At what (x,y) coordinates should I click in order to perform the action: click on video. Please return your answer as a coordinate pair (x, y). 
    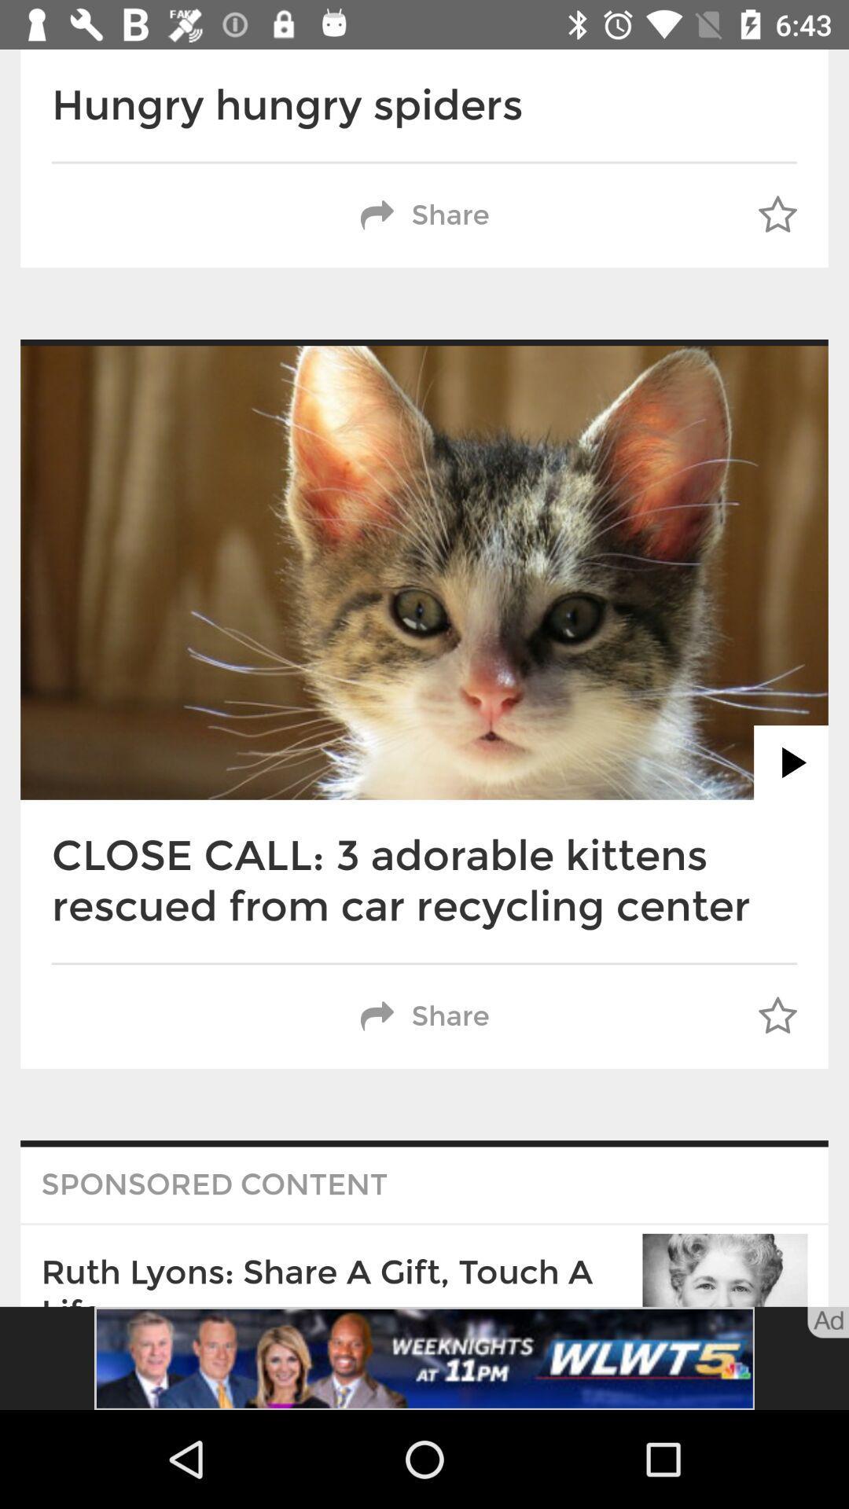
    Looking at the image, I should click on (791, 762).